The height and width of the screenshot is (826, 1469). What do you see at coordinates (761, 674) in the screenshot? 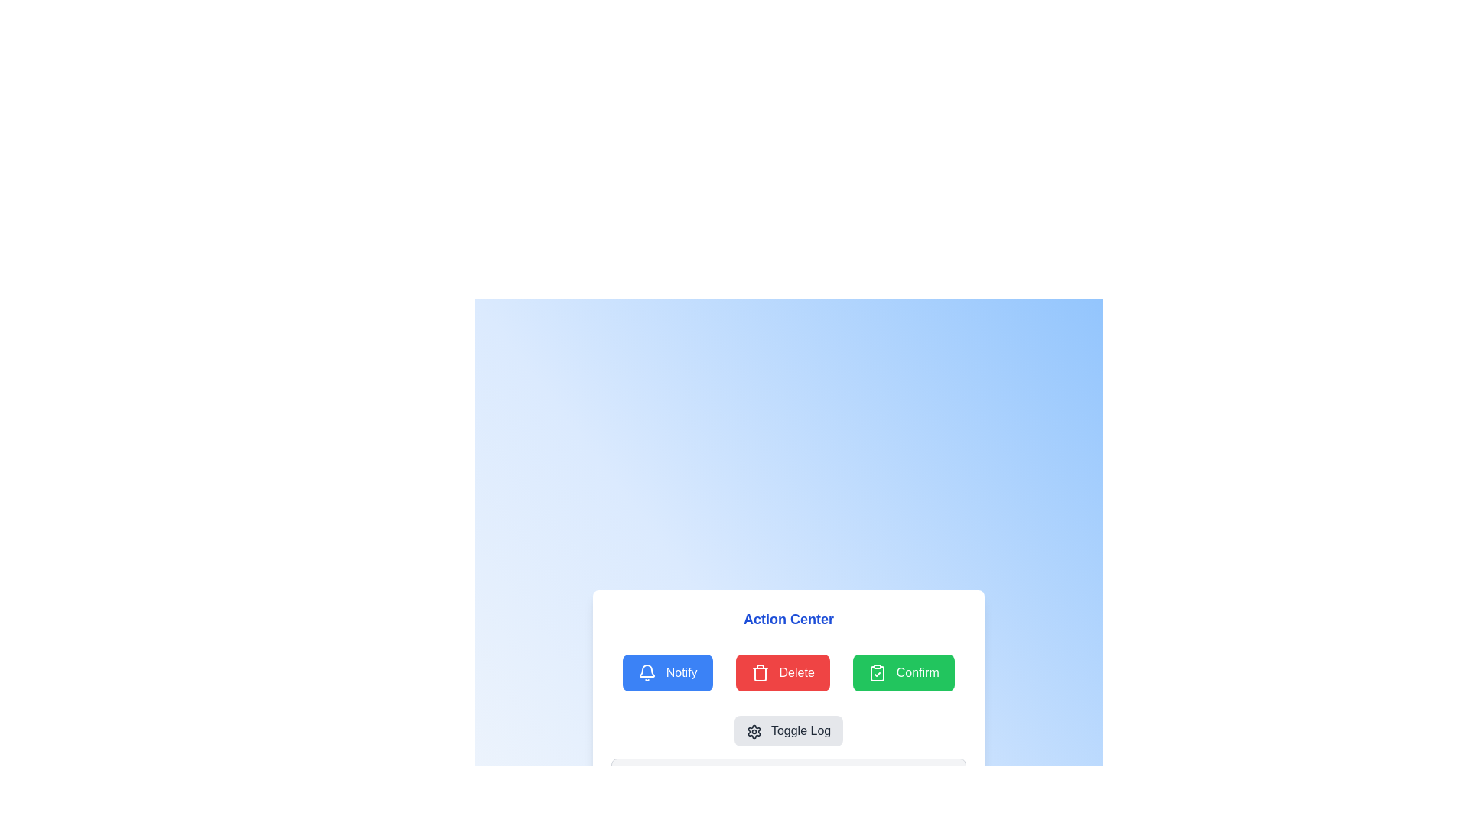
I see `the trash can icon representing the delete function located in the central action bar of the interface` at bounding box center [761, 674].